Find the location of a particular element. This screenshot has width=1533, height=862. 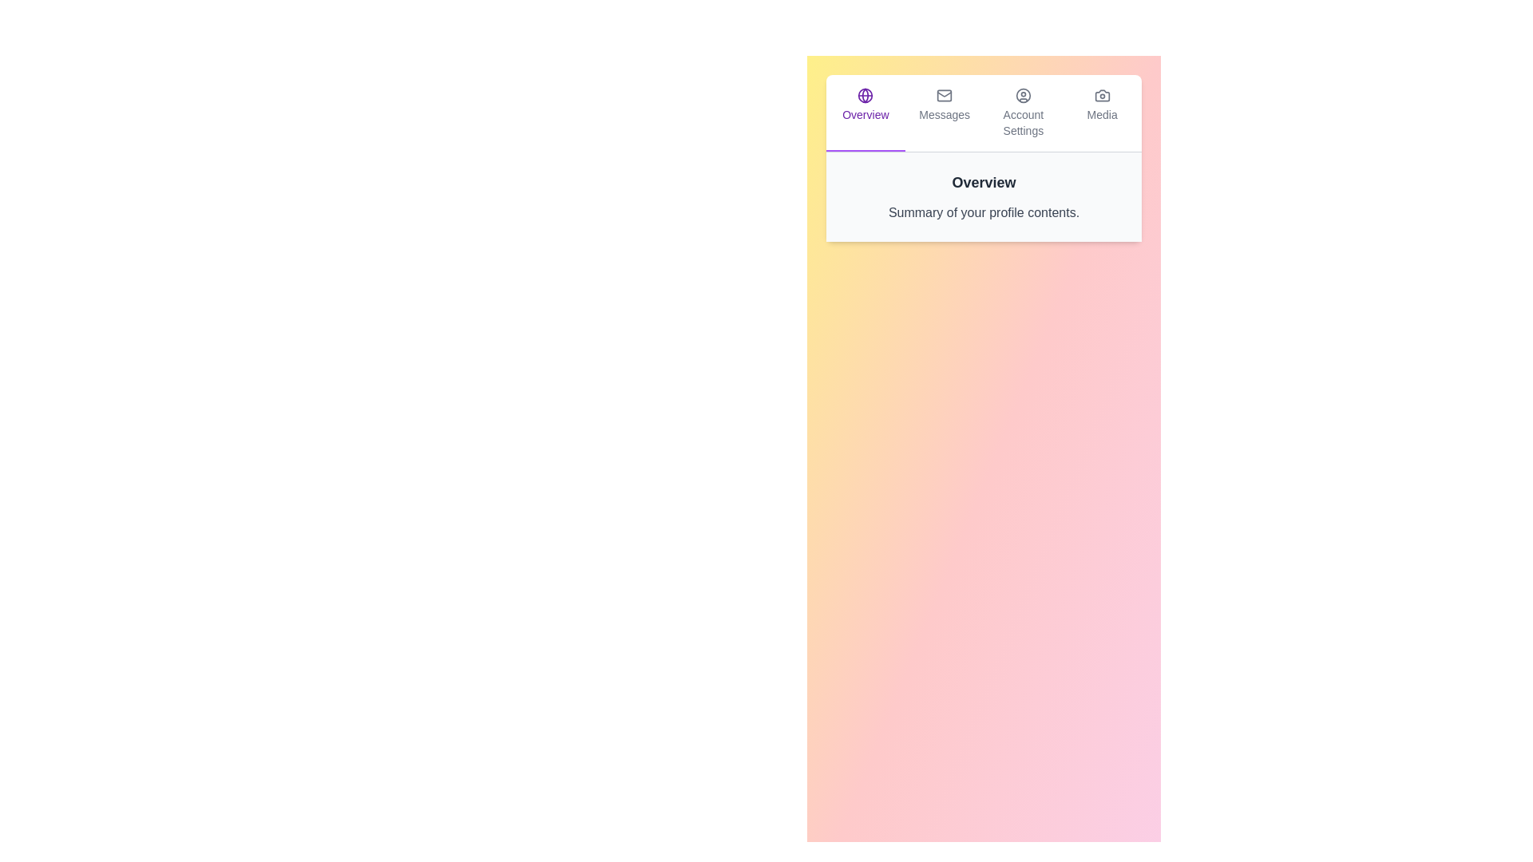

the tab labeled Account Settings is located at coordinates (1023, 113).